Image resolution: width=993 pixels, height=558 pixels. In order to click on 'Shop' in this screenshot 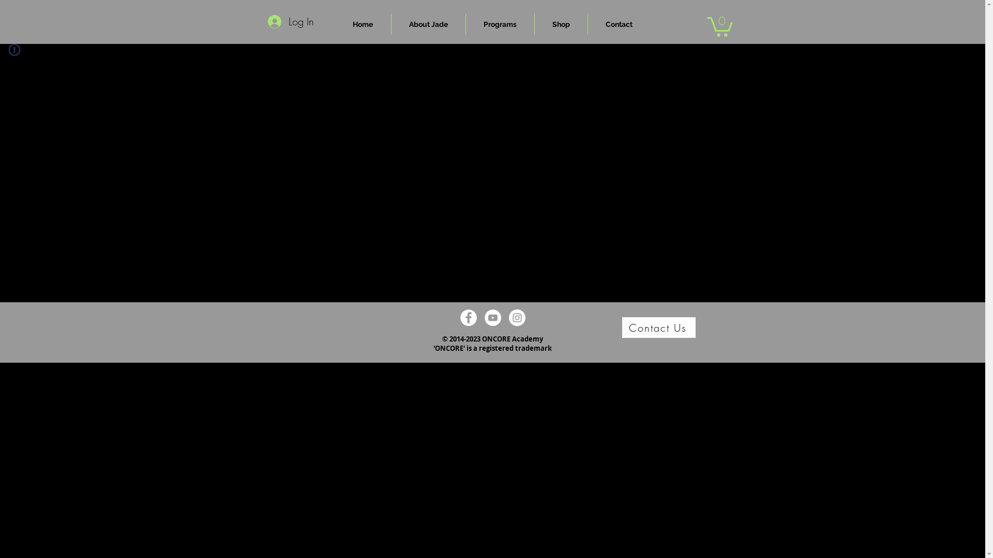, I will do `click(534, 23)`.